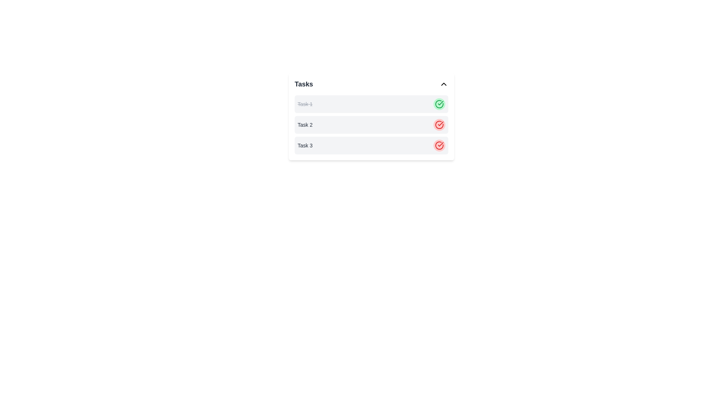  I want to click on the button on the right side of the row containing the text 'Task 1', so click(439, 104).